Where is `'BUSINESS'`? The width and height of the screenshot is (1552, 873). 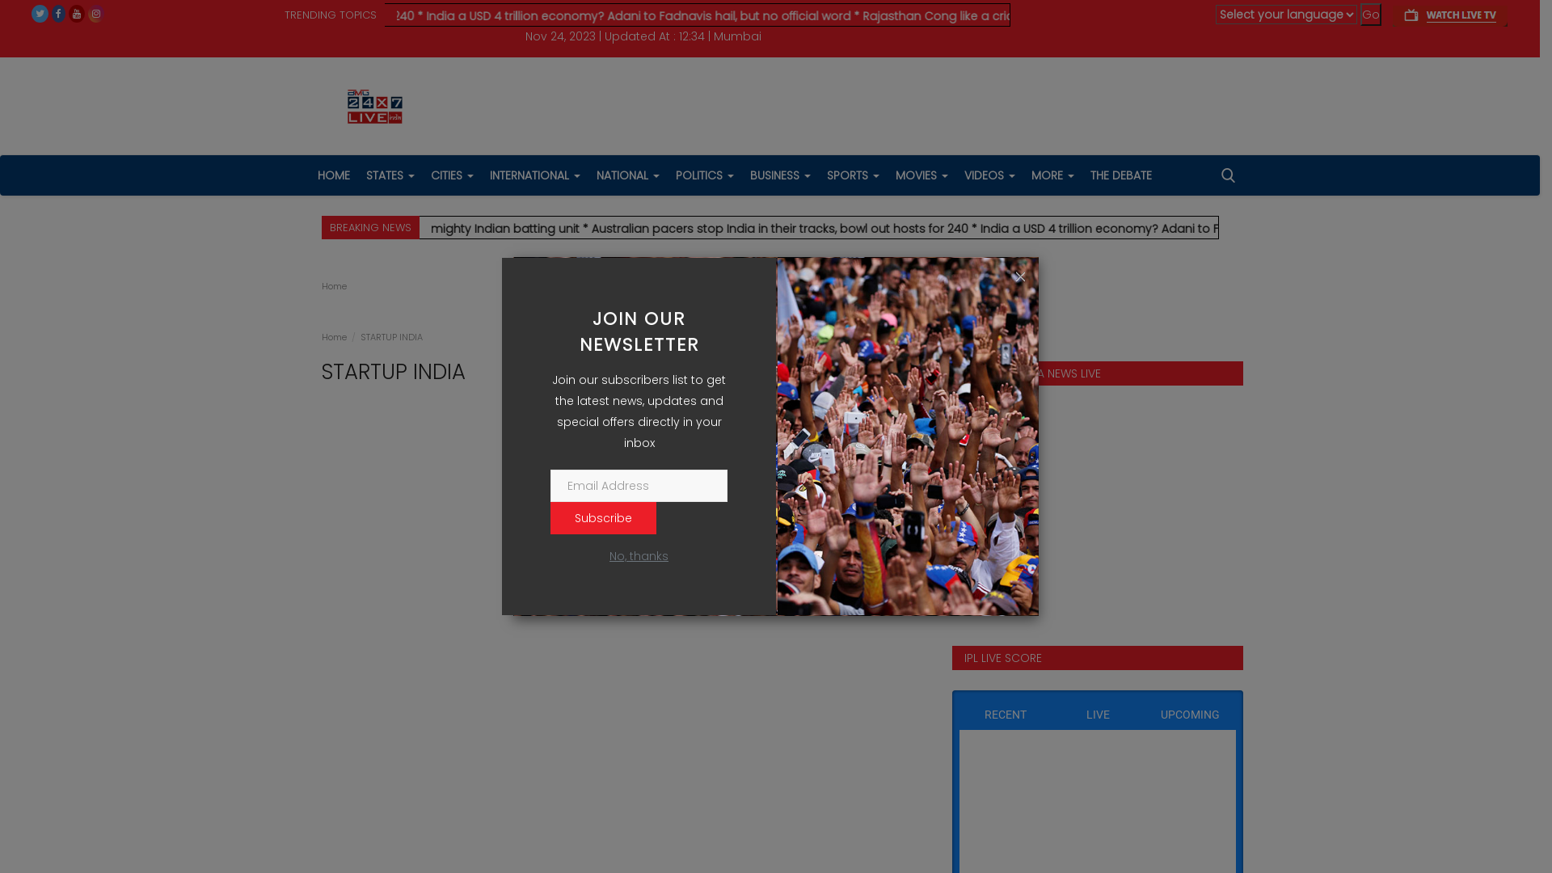
'BUSINESS' is located at coordinates (780, 175).